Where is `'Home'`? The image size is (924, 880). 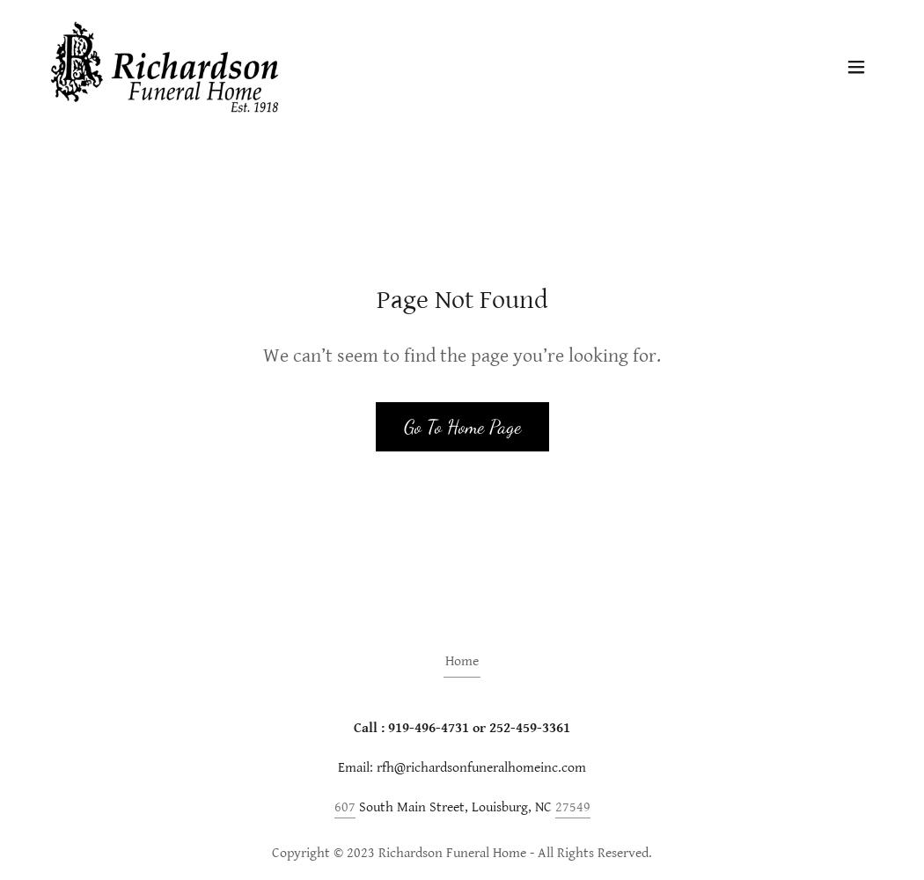
'Home' is located at coordinates (462, 661).